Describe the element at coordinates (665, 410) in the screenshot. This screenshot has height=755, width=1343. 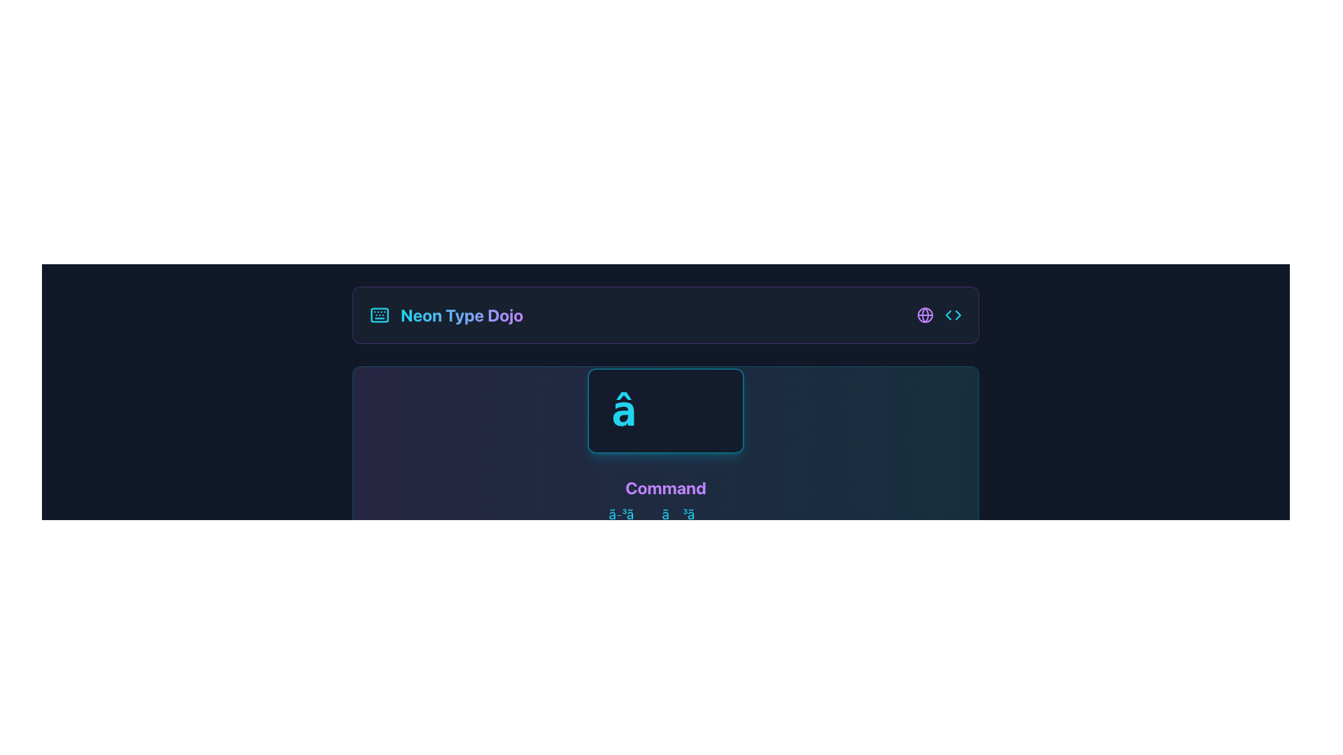
I see `the bold, blue character 'â' in the dark-themed interface, which is prominently positioned above the 'Command' textual elements` at that location.